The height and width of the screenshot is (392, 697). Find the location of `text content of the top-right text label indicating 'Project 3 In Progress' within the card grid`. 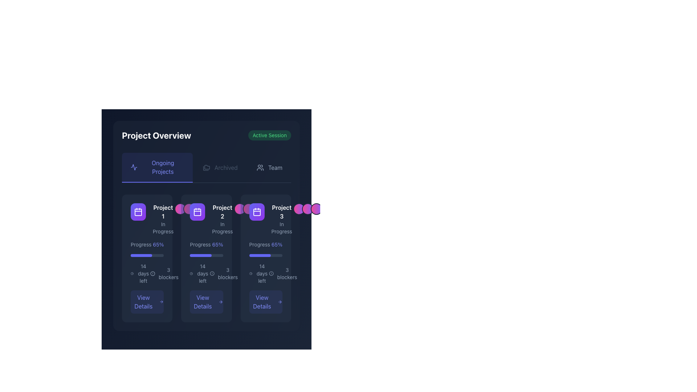

text content of the top-right text label indicating 'Project 3 In Progress' within the card grid is located at coordinates (281, 212).